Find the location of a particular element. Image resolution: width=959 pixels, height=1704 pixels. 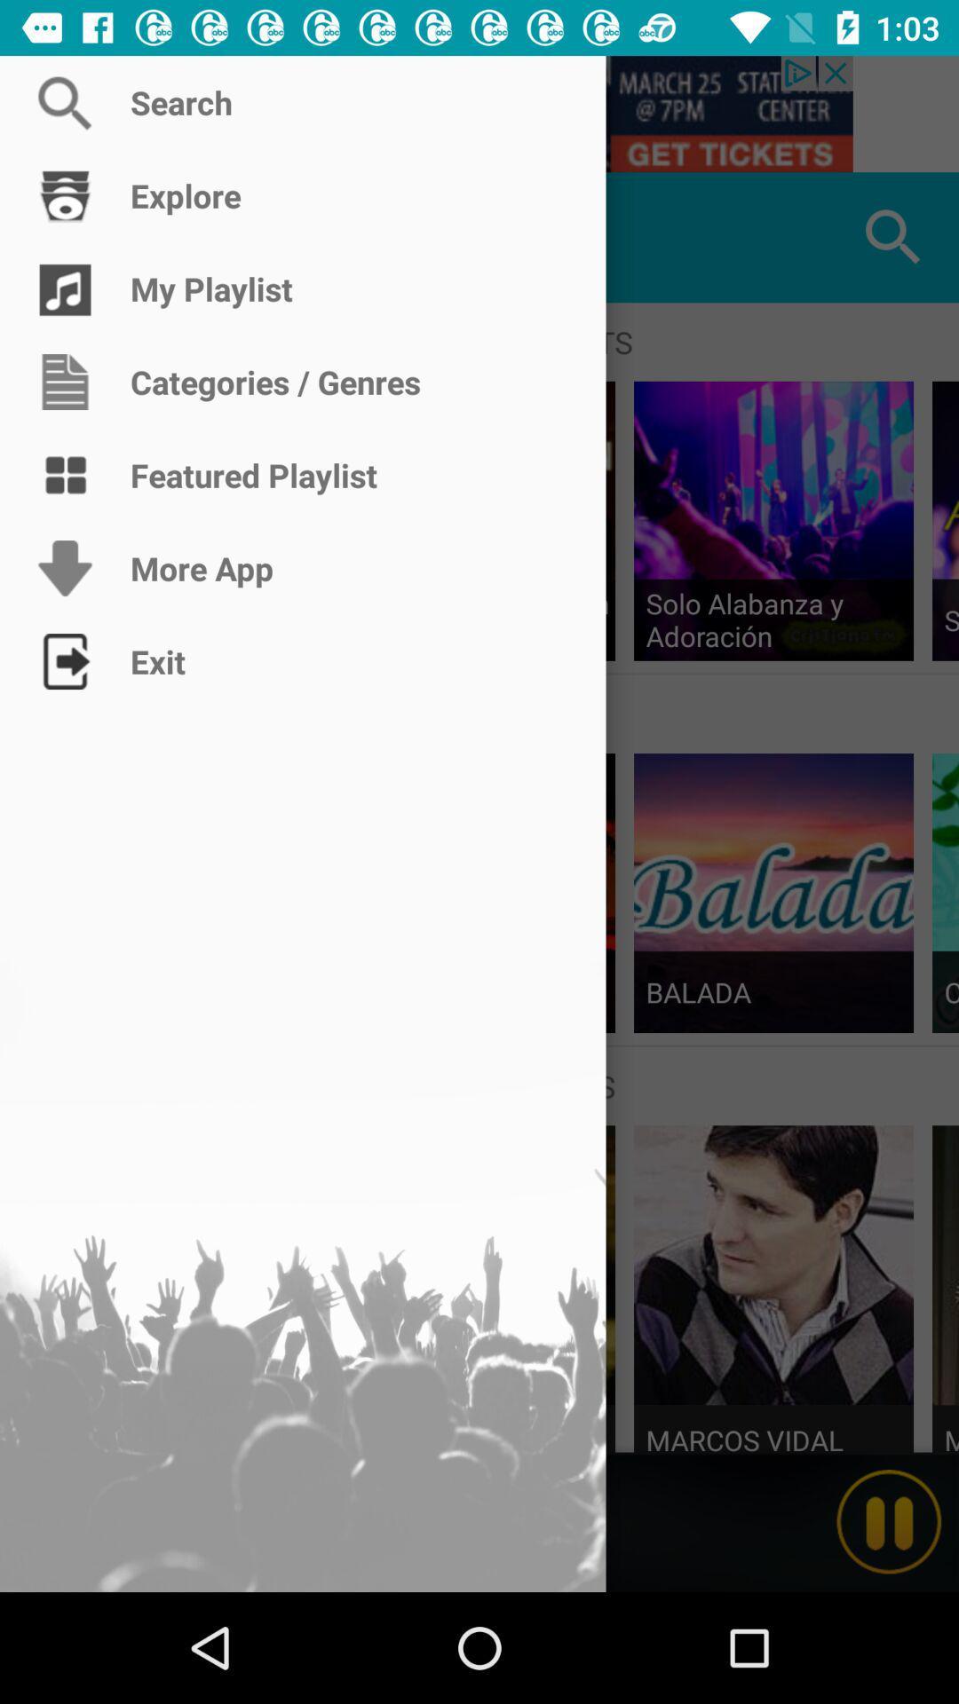

pause audio is located at coordinates (889, 1521).